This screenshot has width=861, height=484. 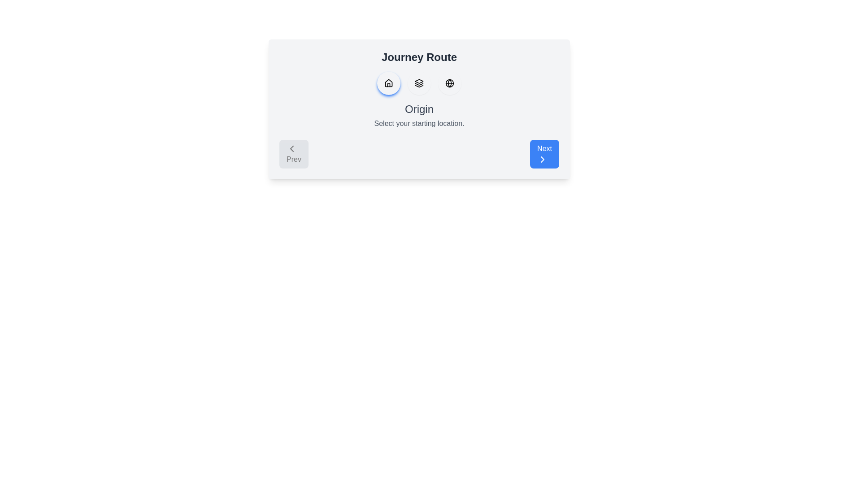 What do you see at coordinates (389, 83) in the screenshot?
I see `the house icon button located beneath the 'Journey Route' heading` at bounding box center [389, 83].